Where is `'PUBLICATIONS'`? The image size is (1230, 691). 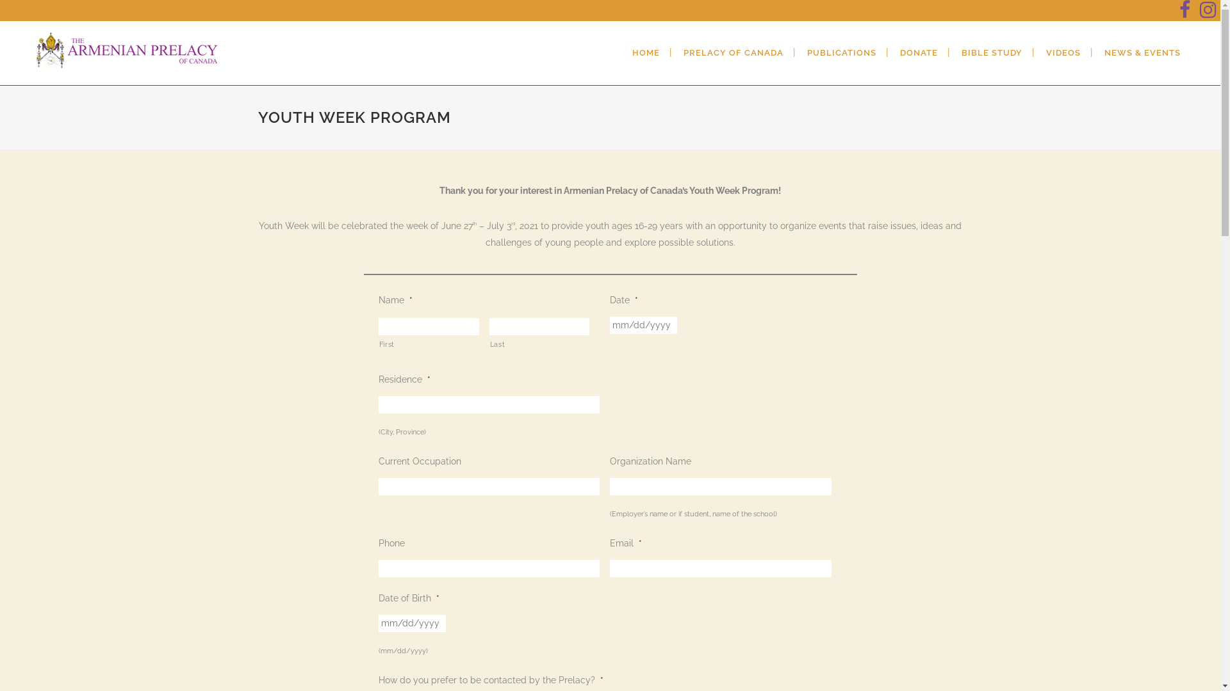
'PUBLICATIONS' is located at coordinates (842, 52).